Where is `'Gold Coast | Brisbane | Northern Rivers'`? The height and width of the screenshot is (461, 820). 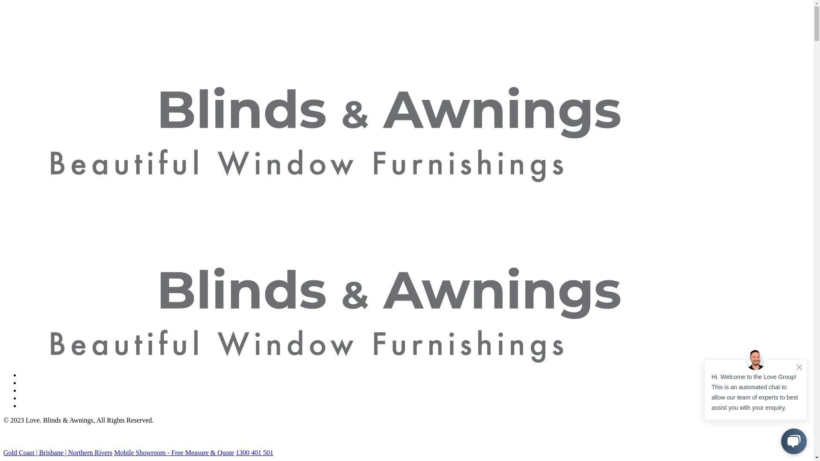 'Gold Coast | Brisbane | Northern Rivers' is located at coordinates (57, 452).